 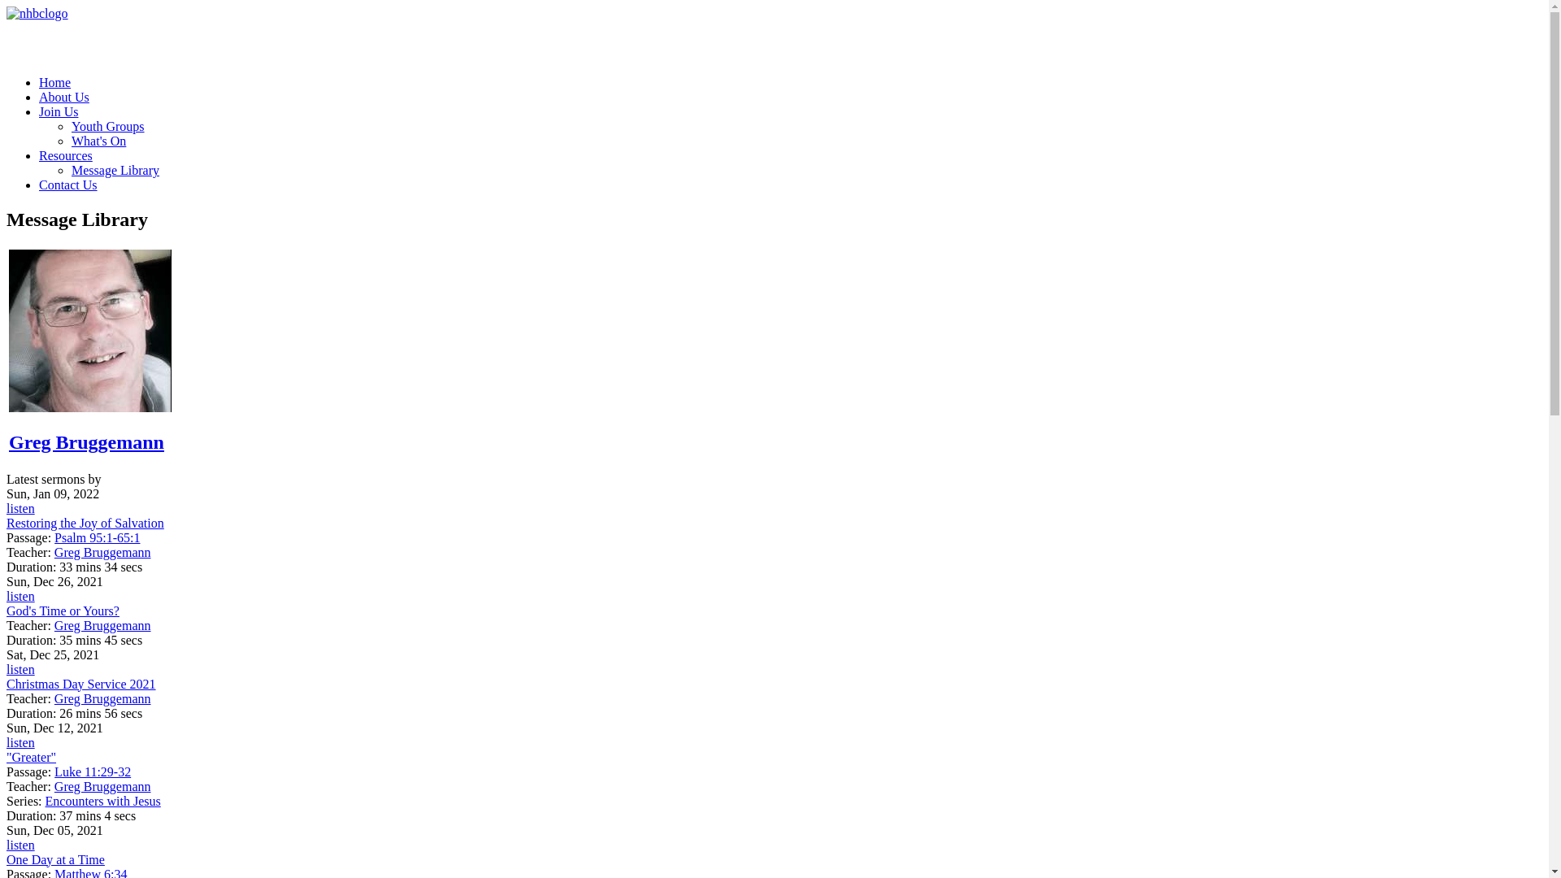 I want to click on 'One Day at a Time', so click(x=55, y=858).